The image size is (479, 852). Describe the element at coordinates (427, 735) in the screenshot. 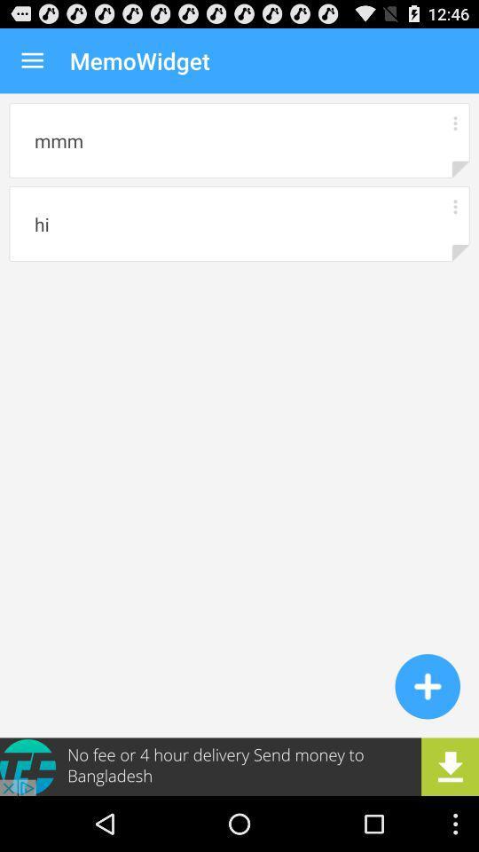

I see `the add icon` at that location.